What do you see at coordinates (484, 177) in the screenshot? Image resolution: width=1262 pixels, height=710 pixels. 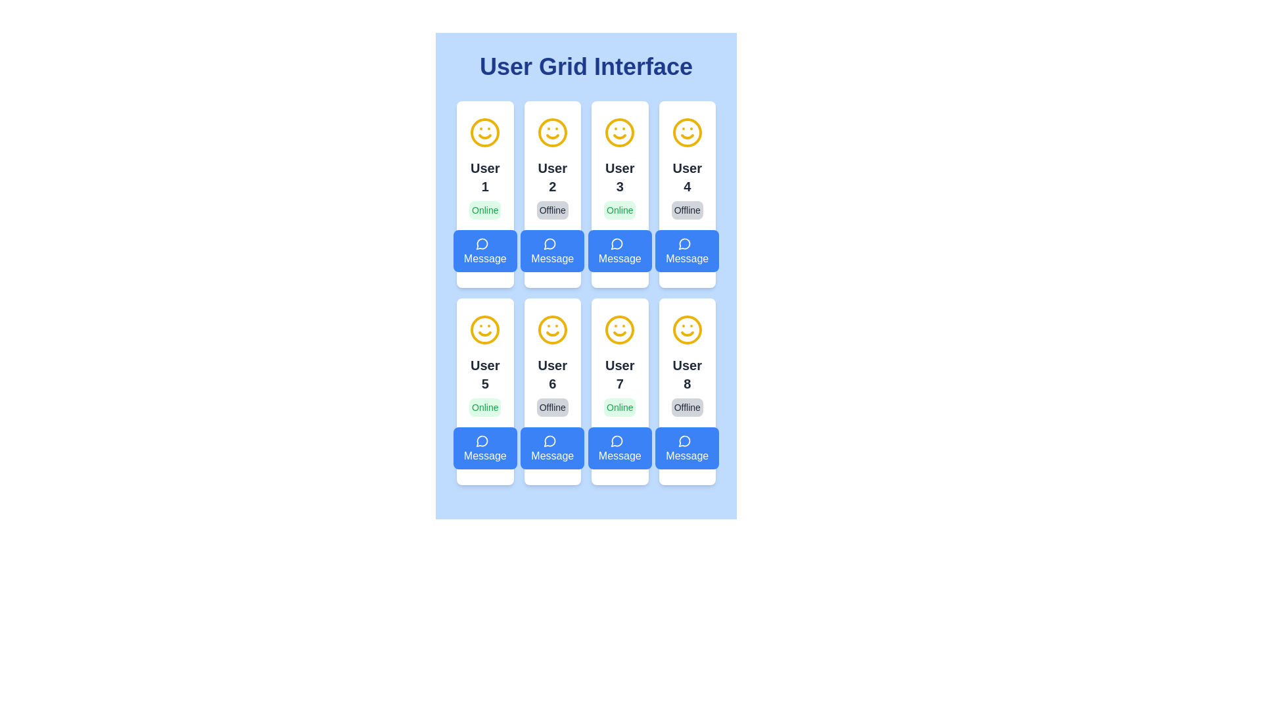 I see `the Static Text Label displaying the username of the user in the first card of the user grid interface, positioned below the smiley icon and above the 'Online' text` at bounding box center [484, 177].